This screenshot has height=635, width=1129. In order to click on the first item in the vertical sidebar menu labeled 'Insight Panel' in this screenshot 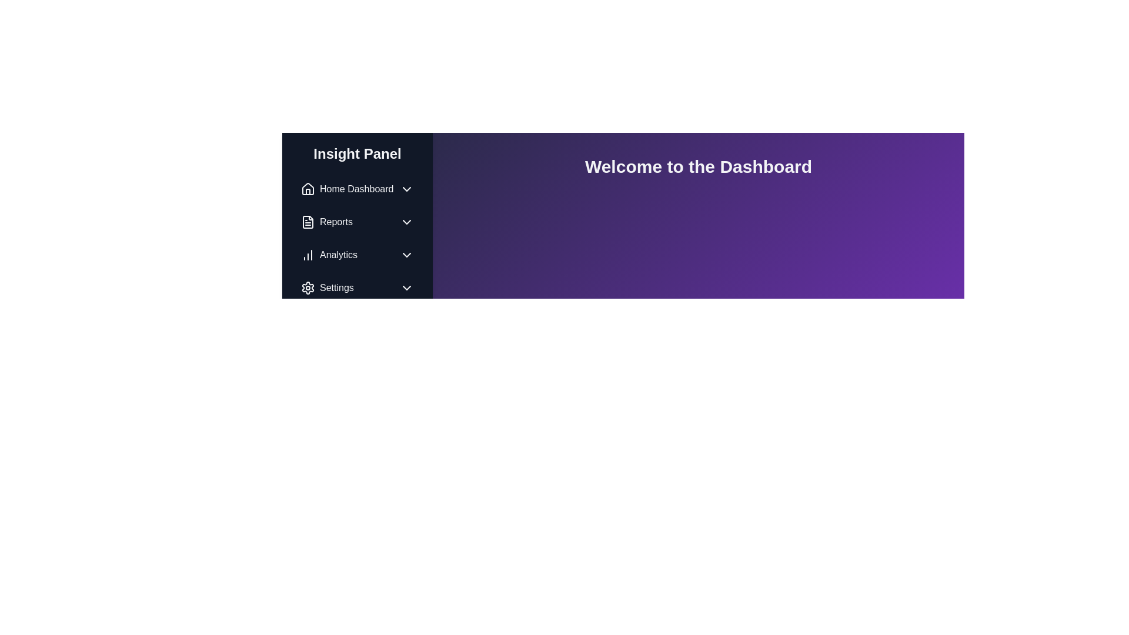, I will do `click(346, 188)`.